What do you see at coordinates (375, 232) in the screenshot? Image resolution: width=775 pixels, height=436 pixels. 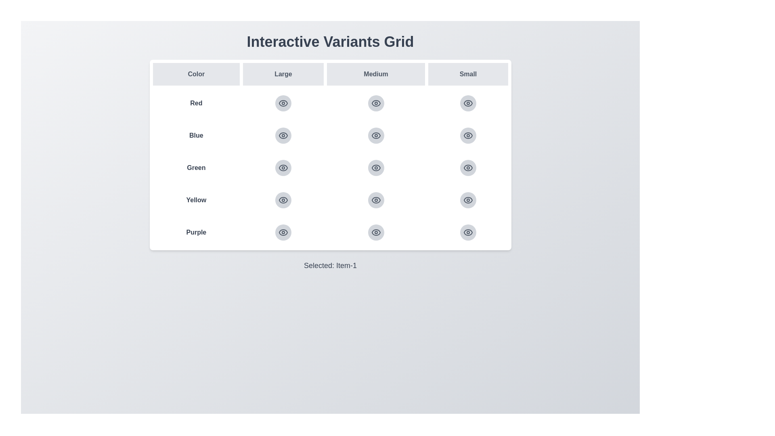 I see `the circular button with a gray background and an eye icon located in the 'Purple' row under the 'Medium' column` at bounding box center [375, 232].